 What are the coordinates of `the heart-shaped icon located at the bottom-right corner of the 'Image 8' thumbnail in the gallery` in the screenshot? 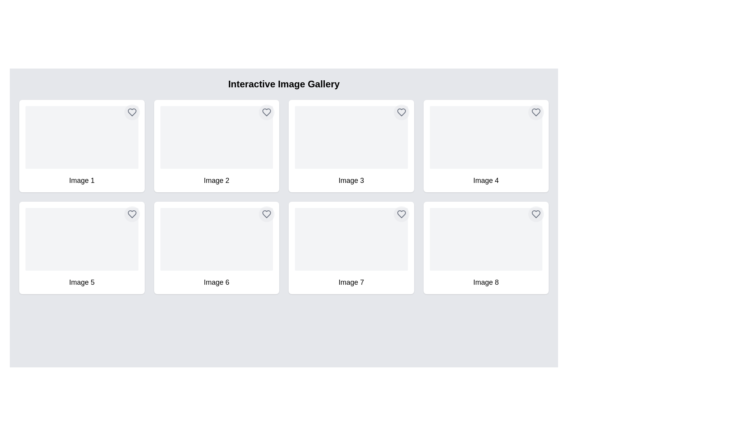 It's located at (536, 214).